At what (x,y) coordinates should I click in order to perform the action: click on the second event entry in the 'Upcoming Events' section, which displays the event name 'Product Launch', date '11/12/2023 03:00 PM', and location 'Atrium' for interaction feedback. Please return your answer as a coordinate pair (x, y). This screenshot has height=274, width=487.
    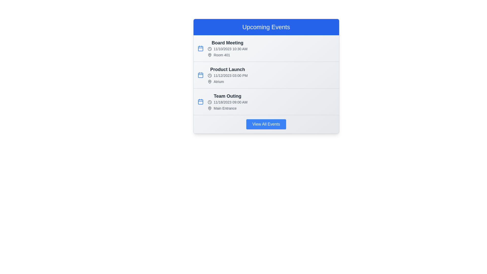
    Looking at the image, I should click on (266, 75).